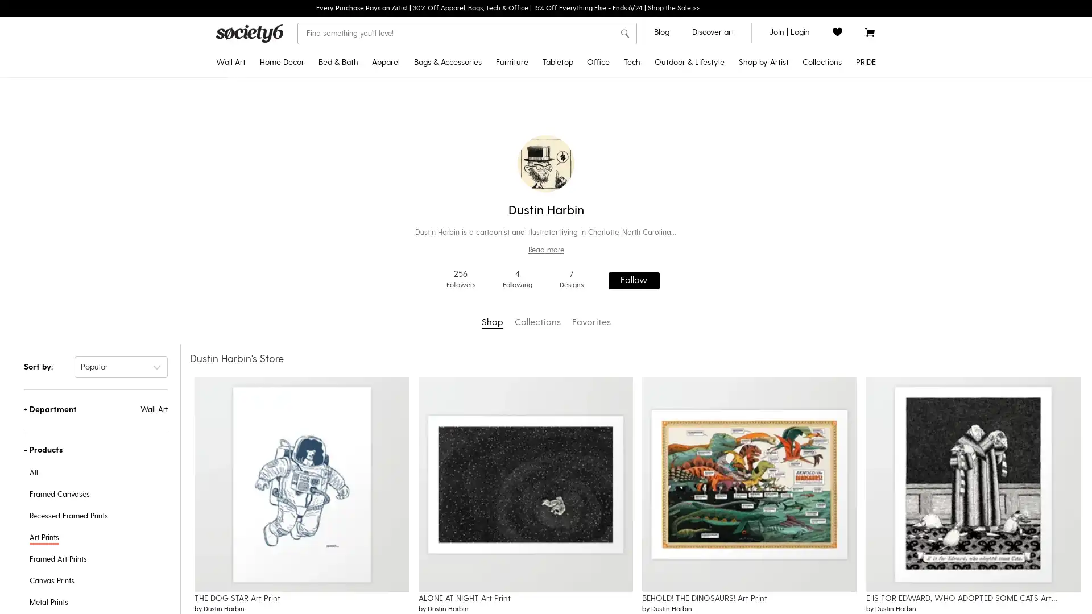  I want to click on Rugs, so click(303, 237).